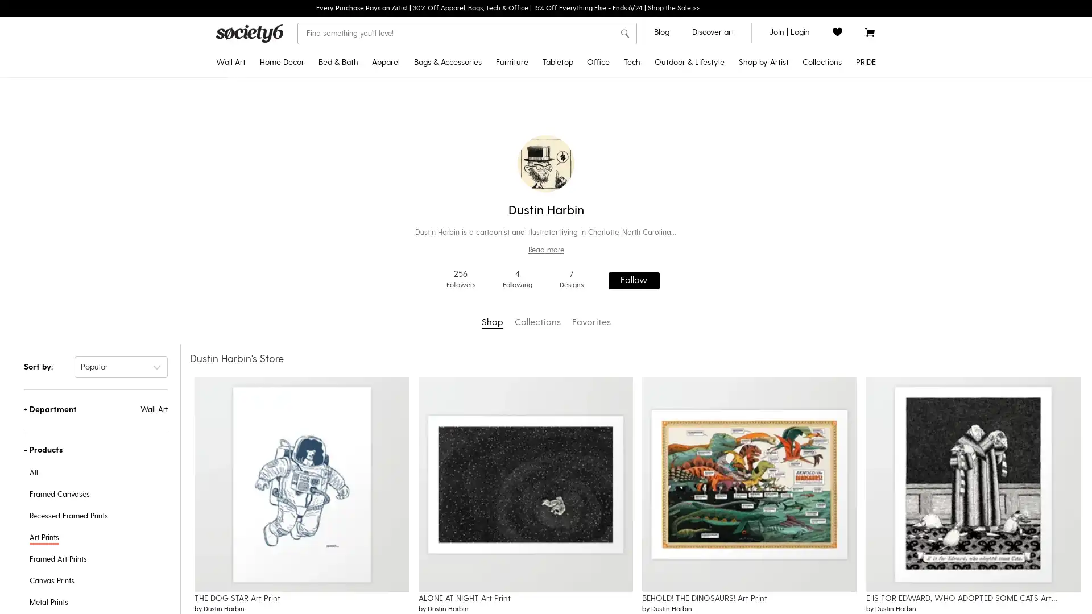  I want to click on Rugs, so click(303, 237).